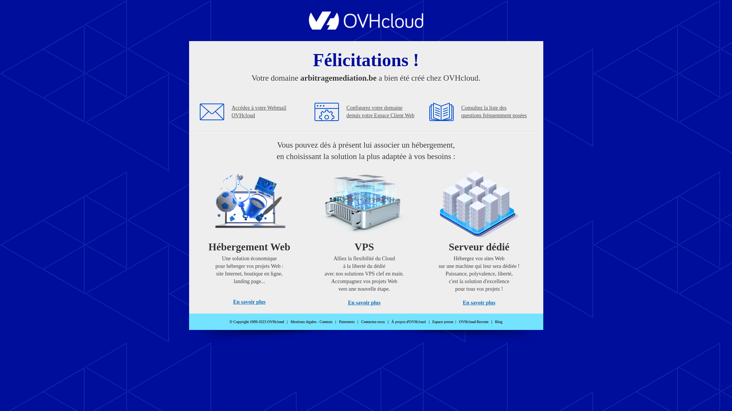 Image resolution: width=732 pixels, height=411 pixels. Describe the element at coordinates (249, 301) in the screenshot. I see `'En savoir plus'` at that location.